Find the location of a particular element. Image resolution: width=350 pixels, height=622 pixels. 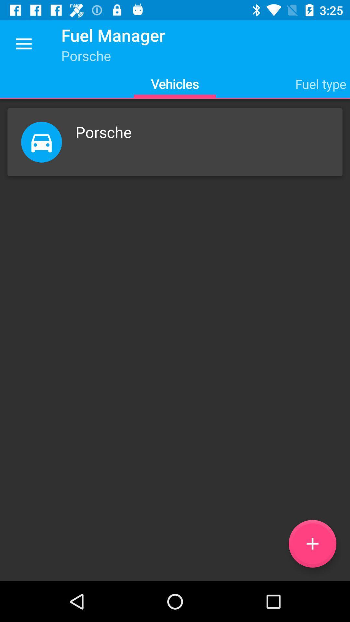

icon at the bottom right corner is located at coordinates (312, 544).